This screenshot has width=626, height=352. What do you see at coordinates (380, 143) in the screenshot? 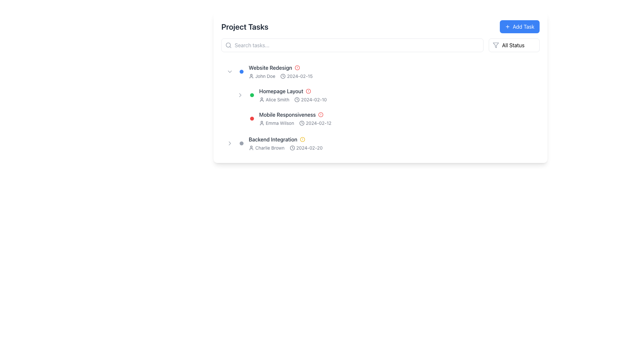
I see `to select the task item titled 'Backend Integration', which is the fourth task in the list and includes details such as the assignee 'Charlie Brown' and due date '2024-02-20'` at bounding box center [380, 143].